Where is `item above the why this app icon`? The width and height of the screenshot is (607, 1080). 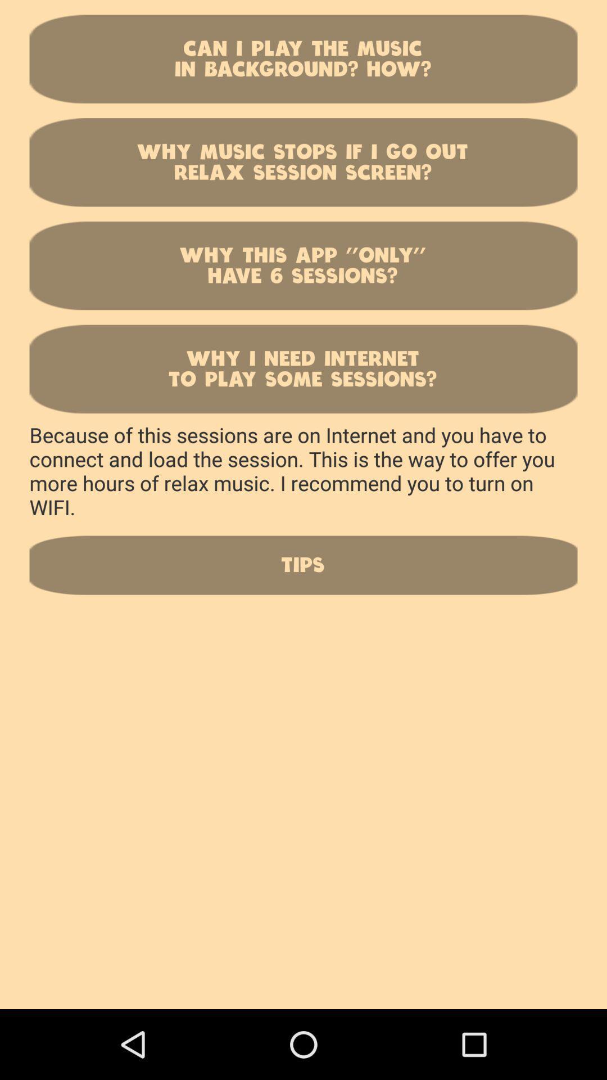
item above the why this app icon is located at coordinates (303, 161).